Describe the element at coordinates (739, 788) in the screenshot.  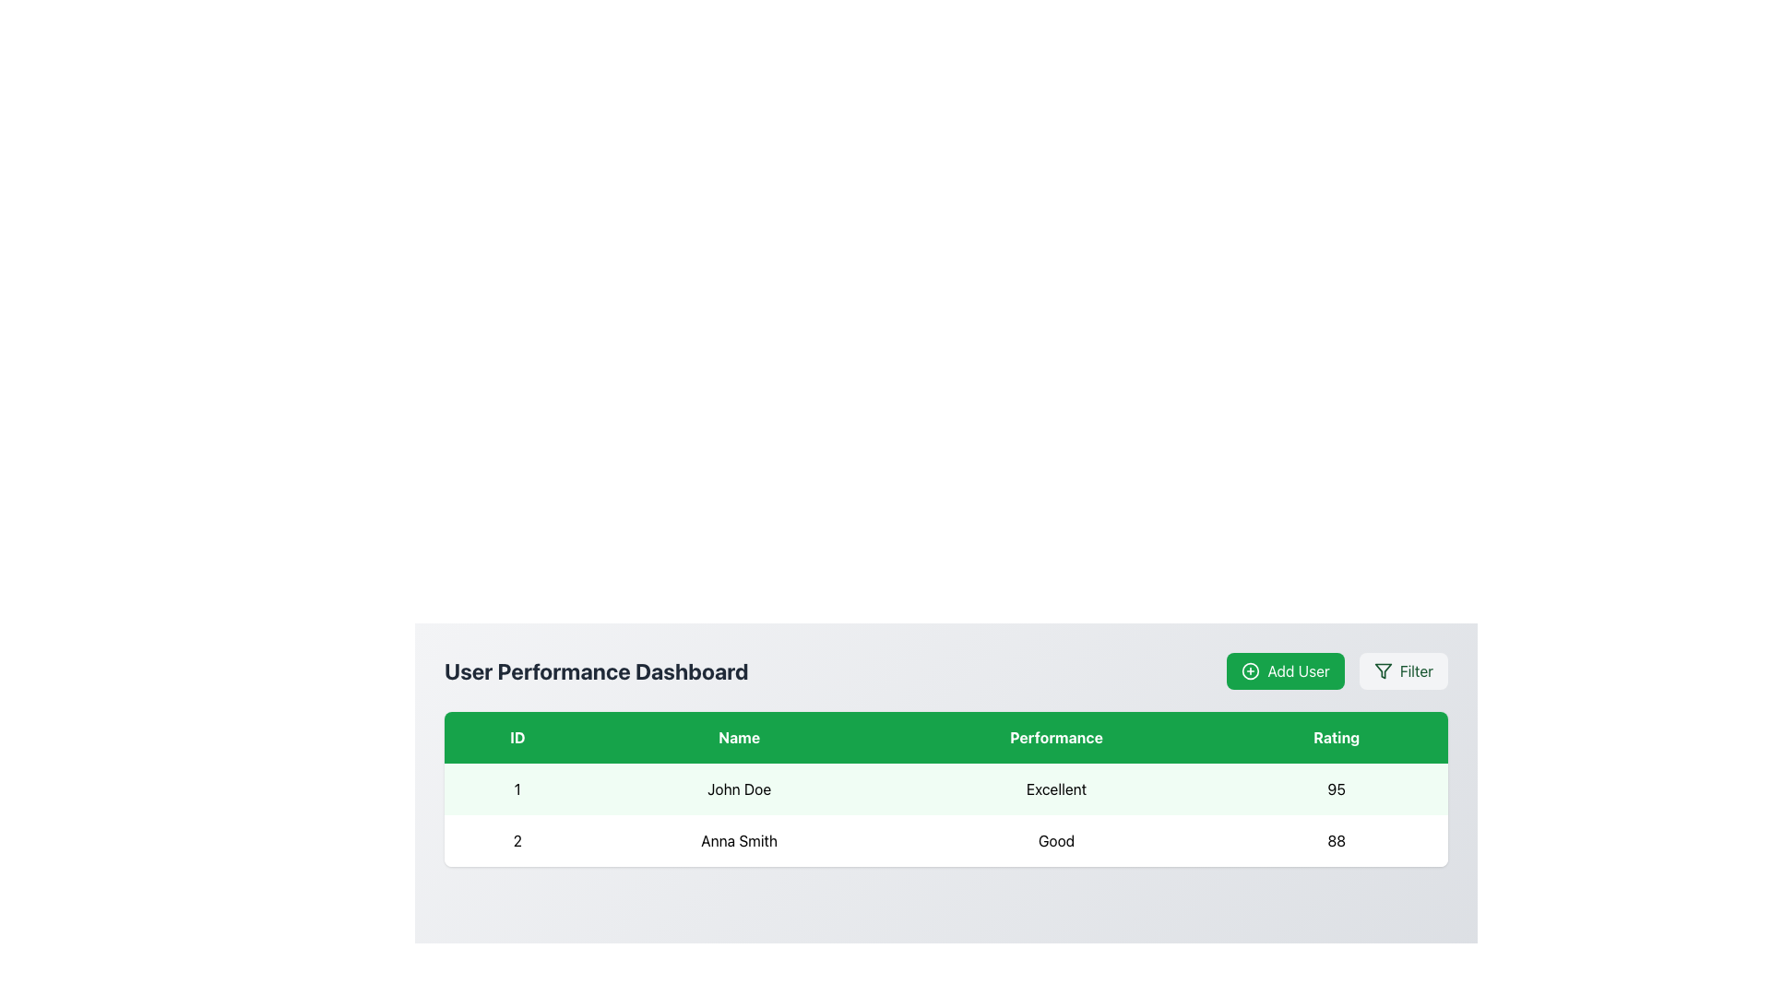
I see `the Text Cell displaying the user's name, located in the second cell of the first row of the table under the 'Name' column` at that location.